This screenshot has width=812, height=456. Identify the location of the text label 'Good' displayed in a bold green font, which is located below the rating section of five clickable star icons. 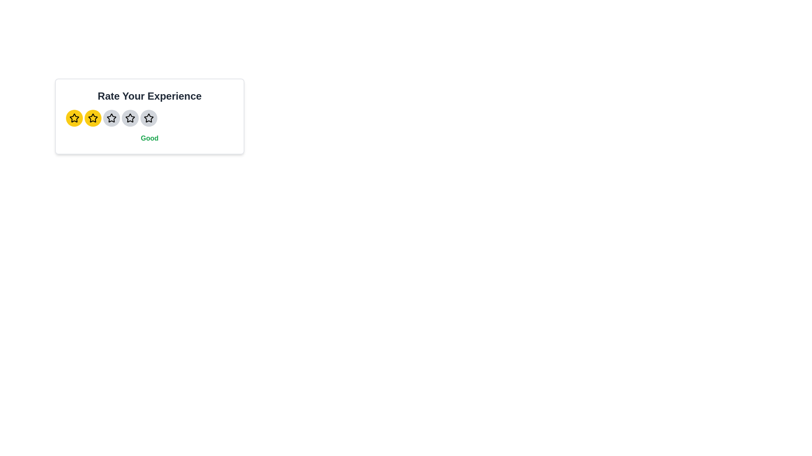
(150, 138).